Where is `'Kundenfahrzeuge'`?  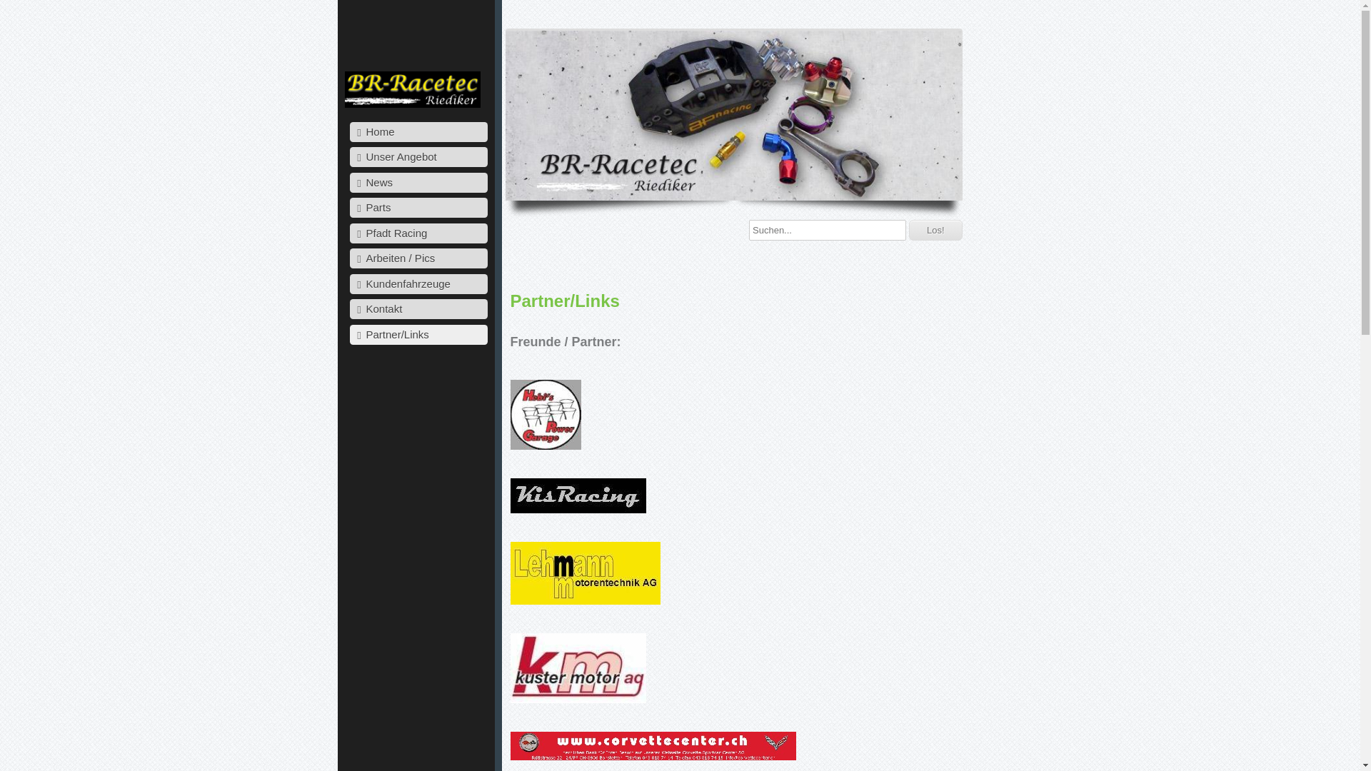 'Kundenfahrzeuge' is located at coordinates (418, 283).